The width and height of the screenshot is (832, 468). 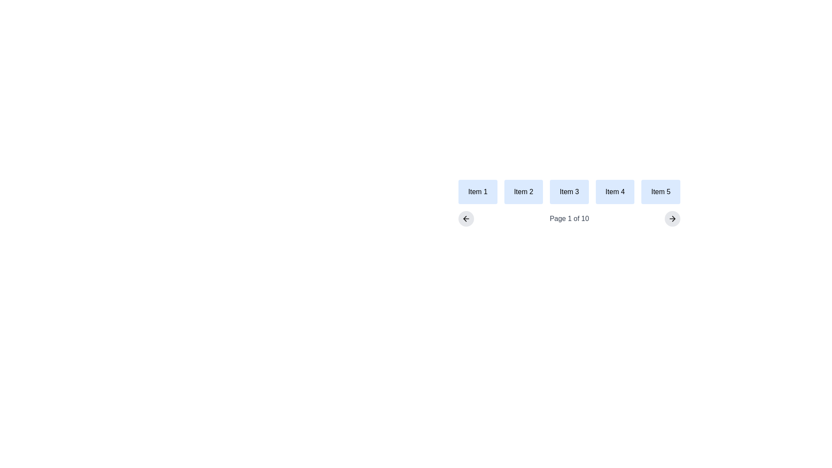 What do you see at coordinates (523, 192) in the screenshot?
I see `the button labeled 'Item 2', which is the second button in a row of five buttons, positioned between 'Item 1' and 'Item 3'` at bounding box center [523, 192].